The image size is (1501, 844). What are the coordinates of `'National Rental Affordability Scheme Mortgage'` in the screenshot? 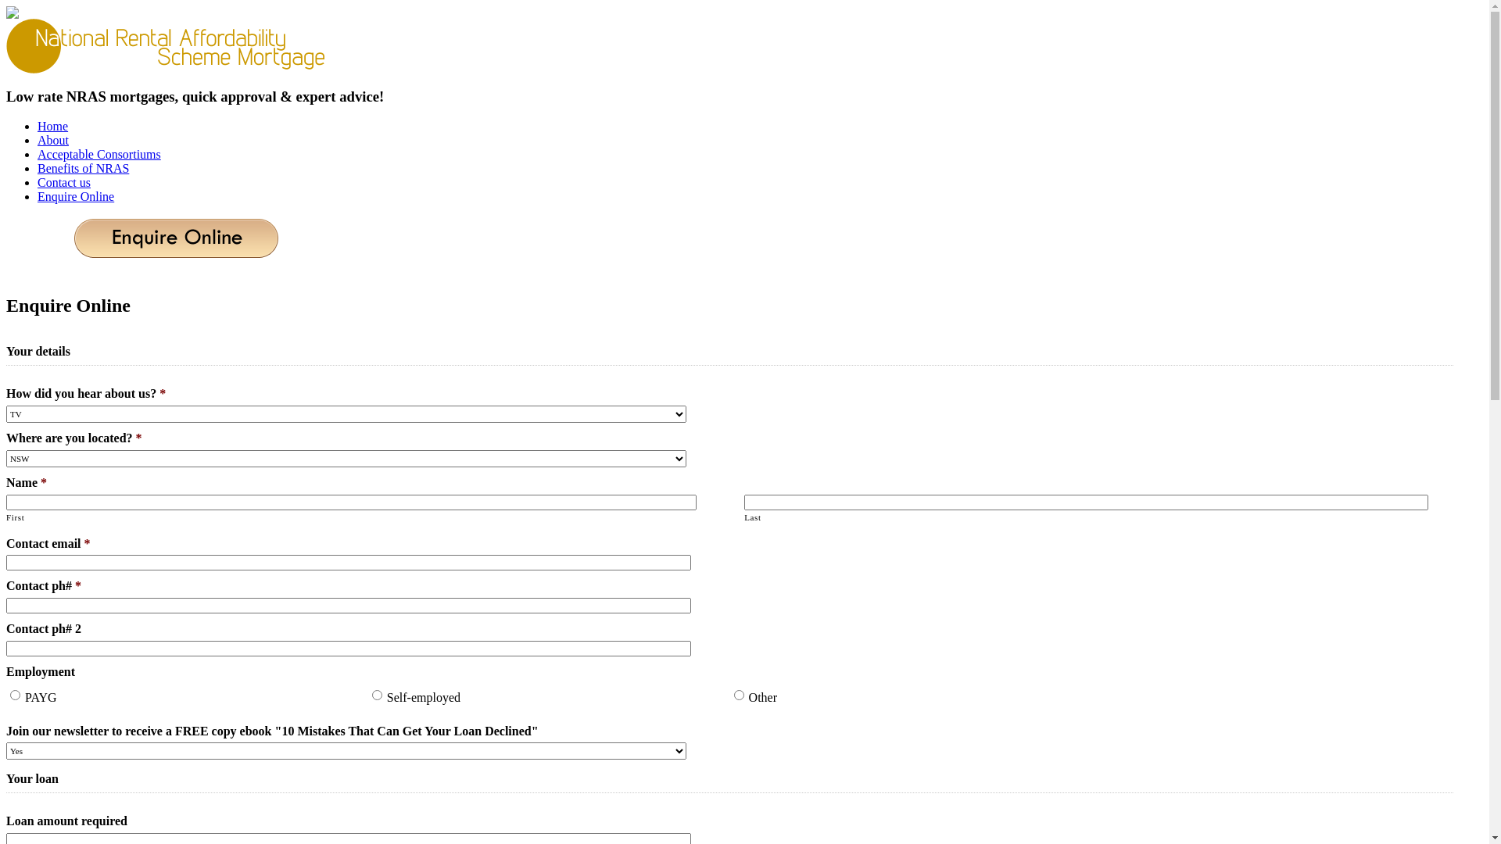 It's located at (167, 45).